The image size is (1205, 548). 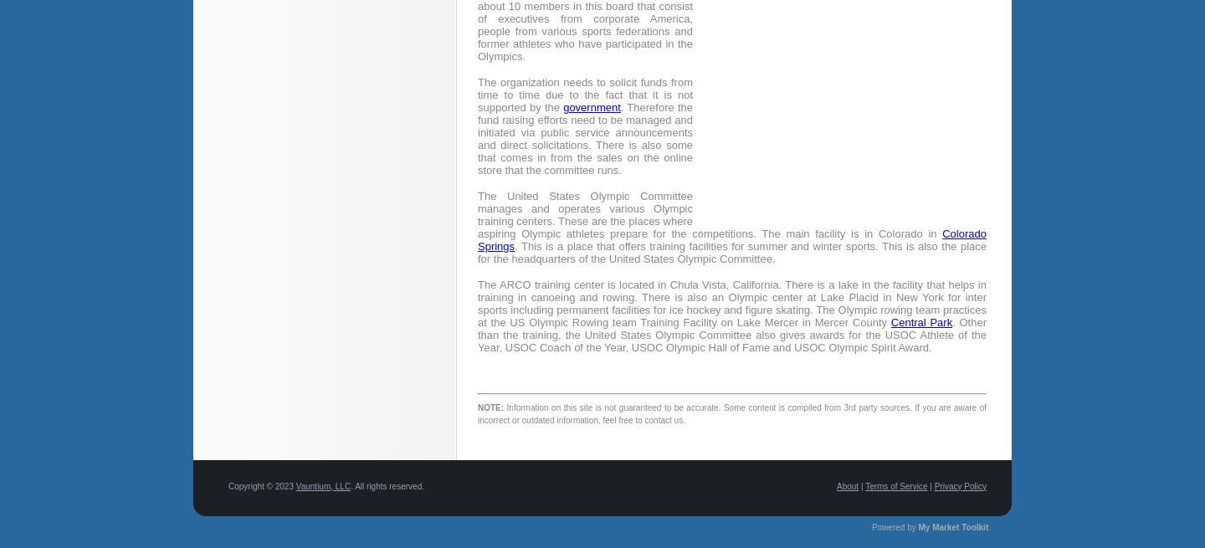 What do you see at coordinates (350, 485) in the screenshot?
I see `'. All rights reserved.'` at bounding box center [350, 485].